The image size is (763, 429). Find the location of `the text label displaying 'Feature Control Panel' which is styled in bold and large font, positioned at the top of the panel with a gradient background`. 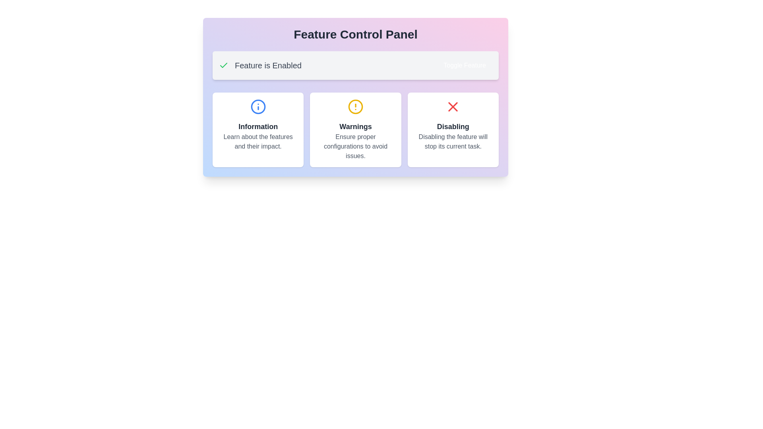

the text label displaying 'Feature Control Panel' which is styled in bold and large font, positioned at the top of the panel with a gradient background is located at coordinates (355, 34).